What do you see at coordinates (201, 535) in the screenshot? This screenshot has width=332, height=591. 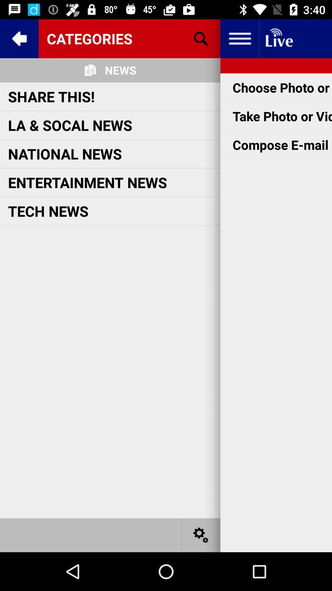 I see `the settings icon` at bounding box center [201, 535].